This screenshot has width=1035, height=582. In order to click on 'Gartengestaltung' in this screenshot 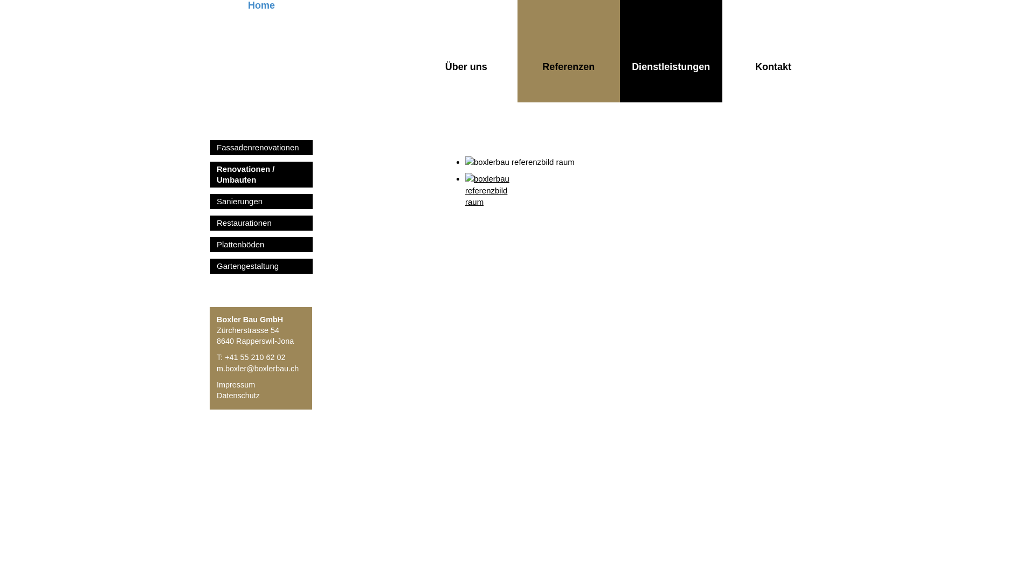, I will do `click(210, 266)`.